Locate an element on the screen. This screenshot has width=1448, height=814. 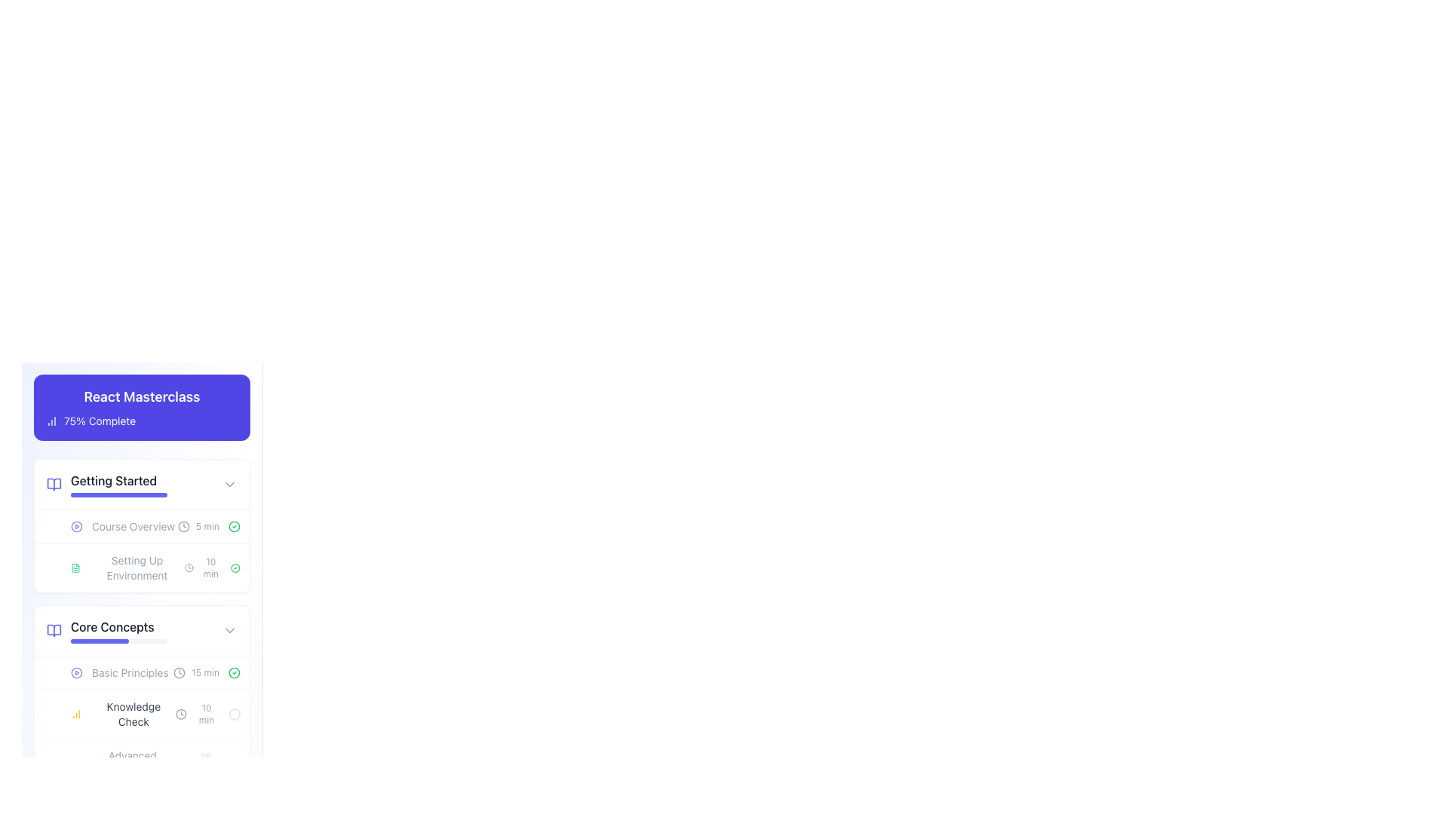
the status of the checkmark icon indicating the completion of the 'Course Overview' in the 'Getting Started' section, located next to the '5 min' text is located at coordinates (234, 525).